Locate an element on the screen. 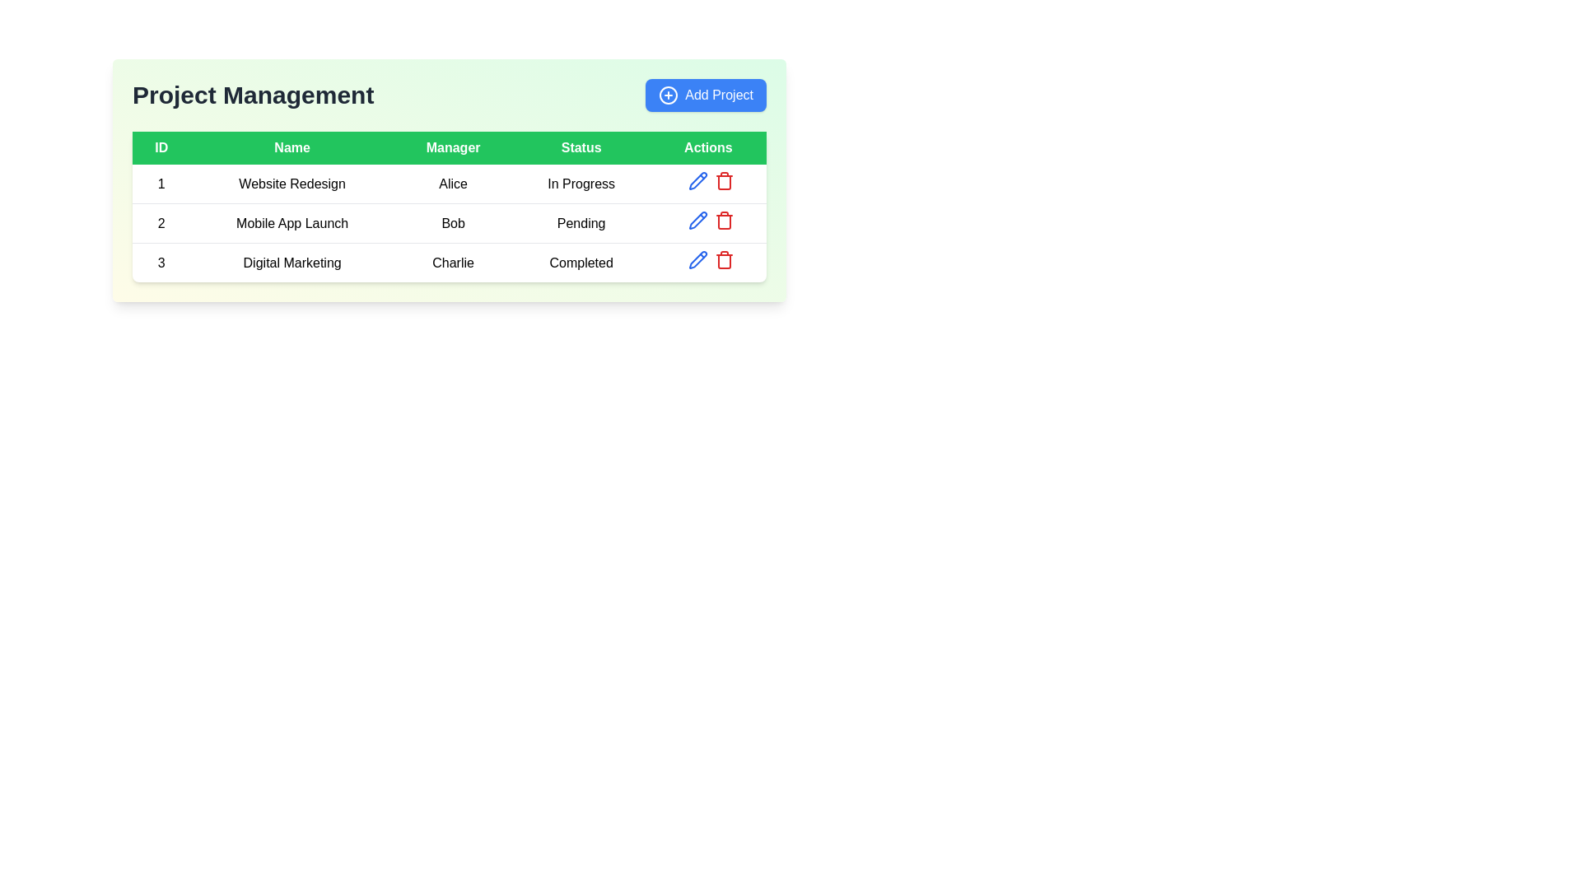 This screenshot has width=1581, height=889. the 'In Progress' static text label in the Status column of the table for the 'Website Redesign' project, which is located to the right of 'Alice' and left of action icons is located at coordinates (581, 184).